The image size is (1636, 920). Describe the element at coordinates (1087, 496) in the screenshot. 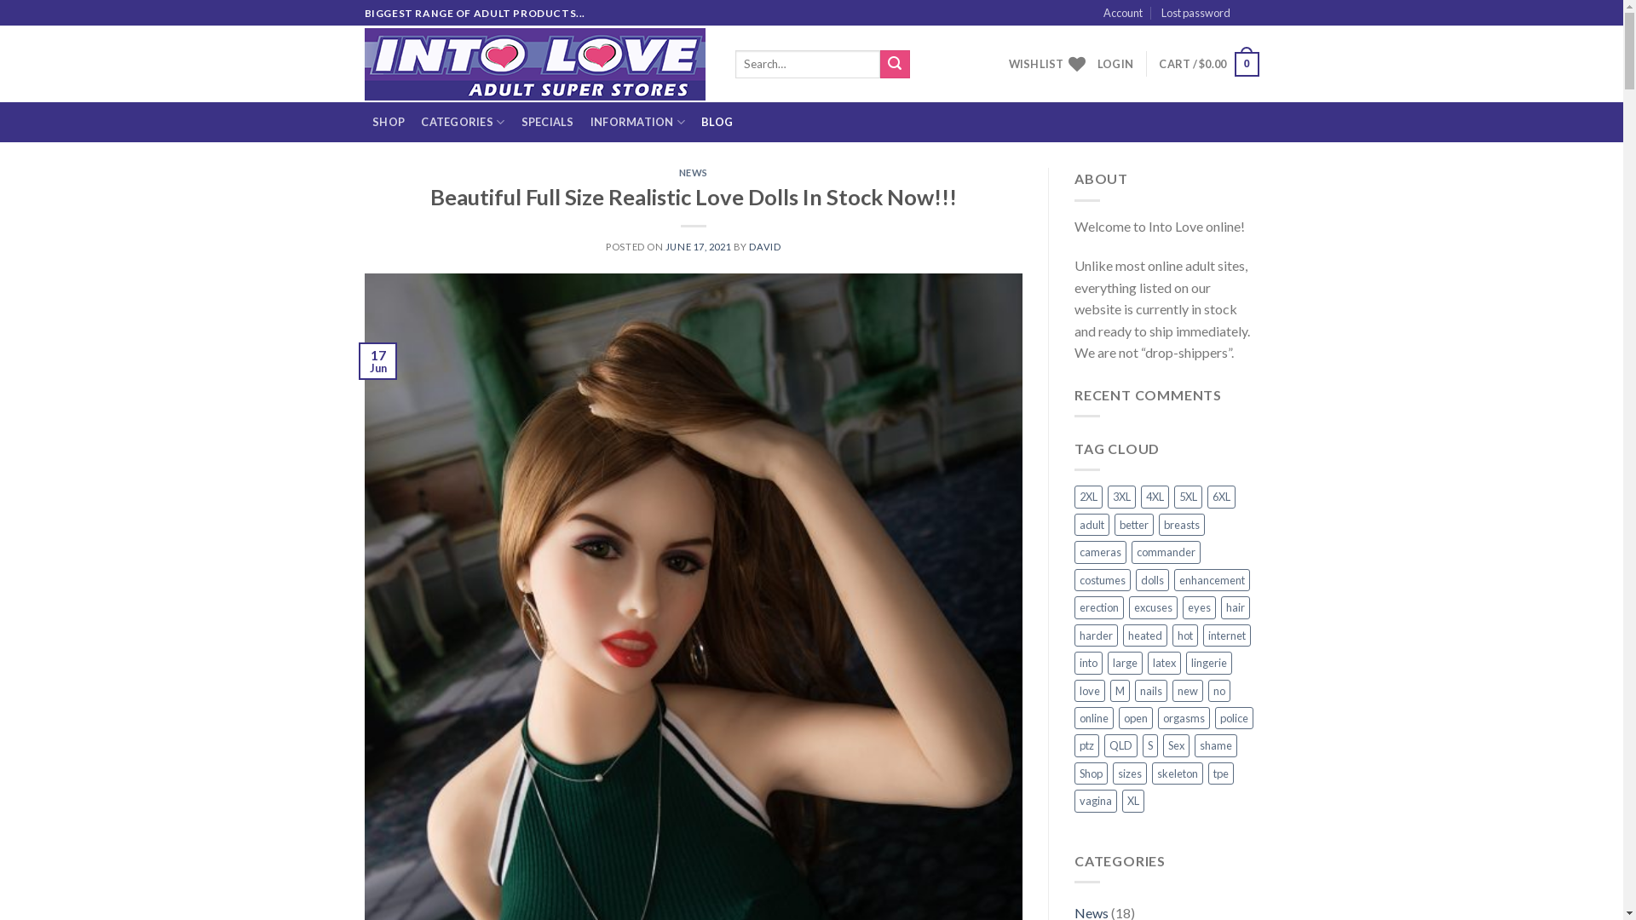

I see `'2XL'` at that location.